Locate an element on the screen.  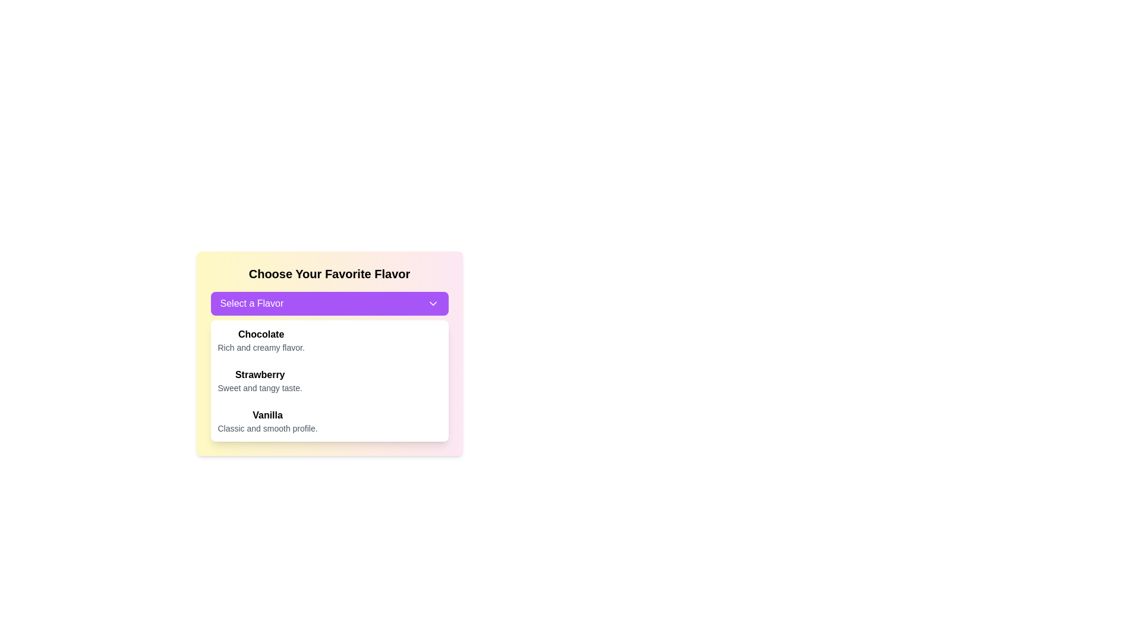
the Dropdown list with the title 'Choose Your Favorite Flavor' is located at coordinates (329, 353).